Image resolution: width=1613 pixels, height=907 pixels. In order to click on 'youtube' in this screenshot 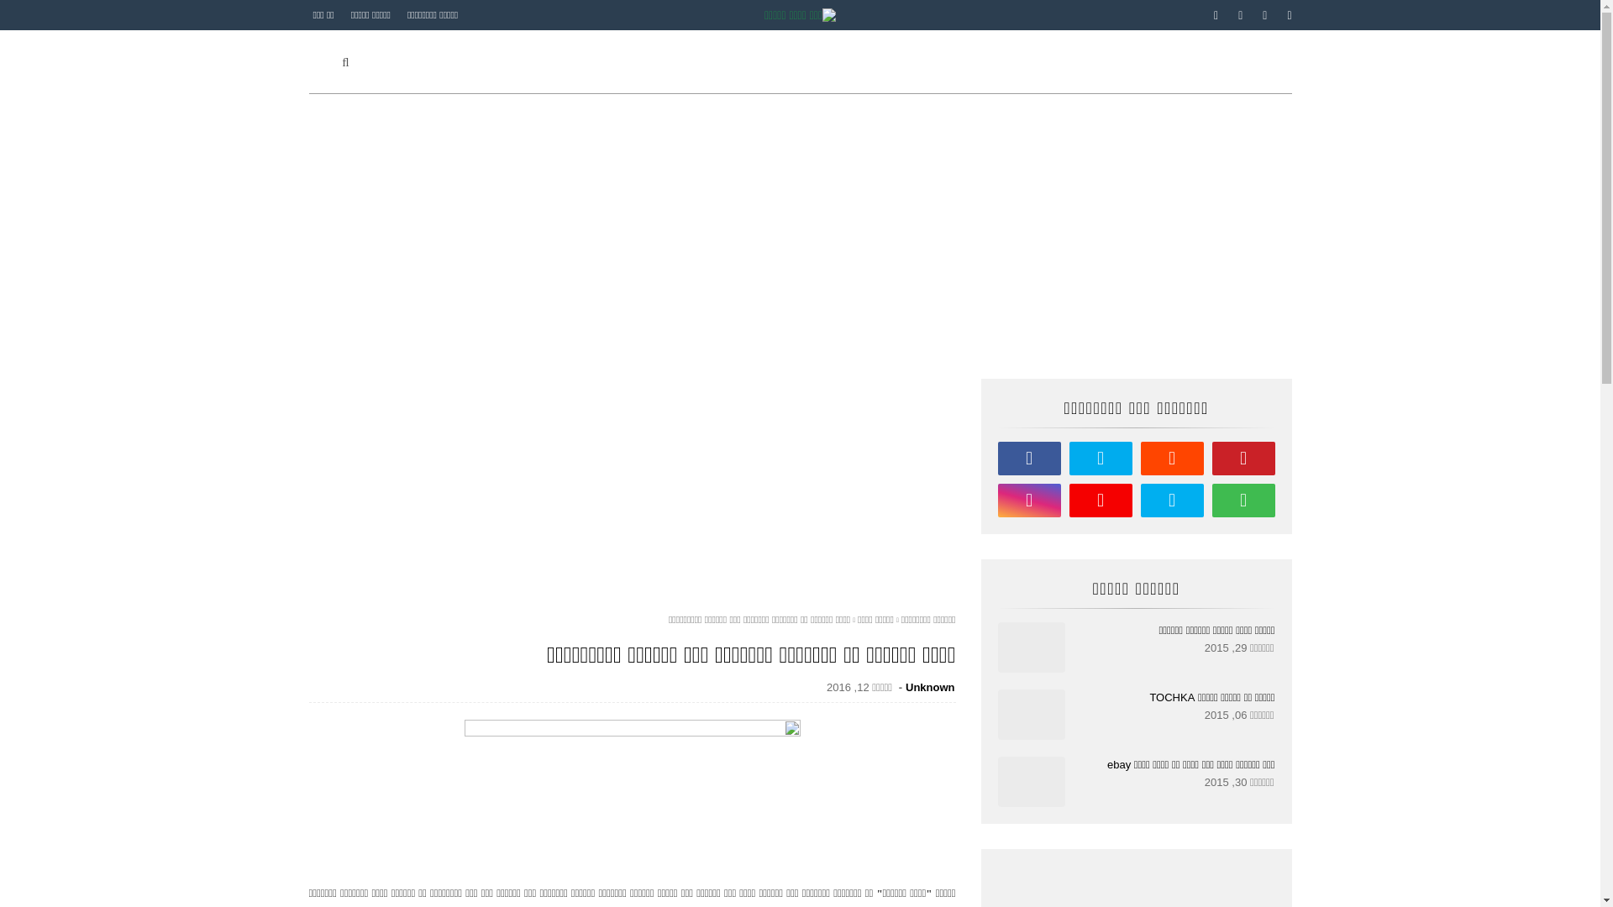, I will do `click(1100, 500)`.